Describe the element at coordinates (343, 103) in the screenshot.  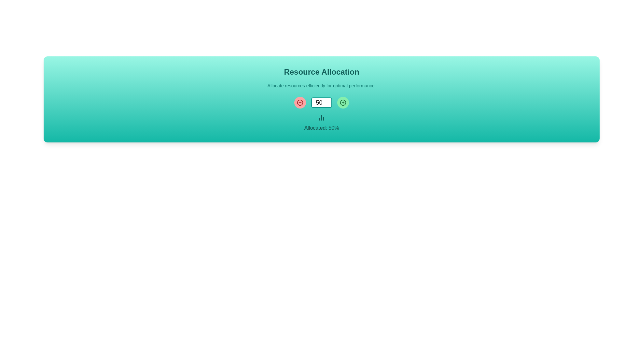
I see `the Circular SVG icon embedded within the green button on the rightmost side of the resource allocation controls` at that location.